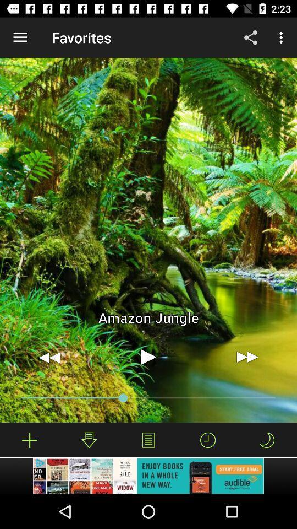 The image size is (297, 529). What do you see at coordinates (148, 440) in the screenshot?
I see `show a sound list` at bounding box center [148, 440].